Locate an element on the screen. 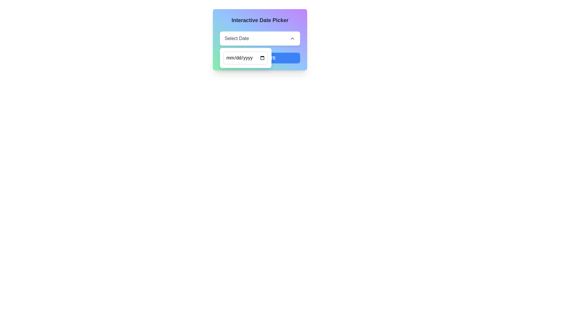 Image resolution: width=566 pixels, height=318 pixels. the Date Picker Input Field is located at coordinates (246, 58).